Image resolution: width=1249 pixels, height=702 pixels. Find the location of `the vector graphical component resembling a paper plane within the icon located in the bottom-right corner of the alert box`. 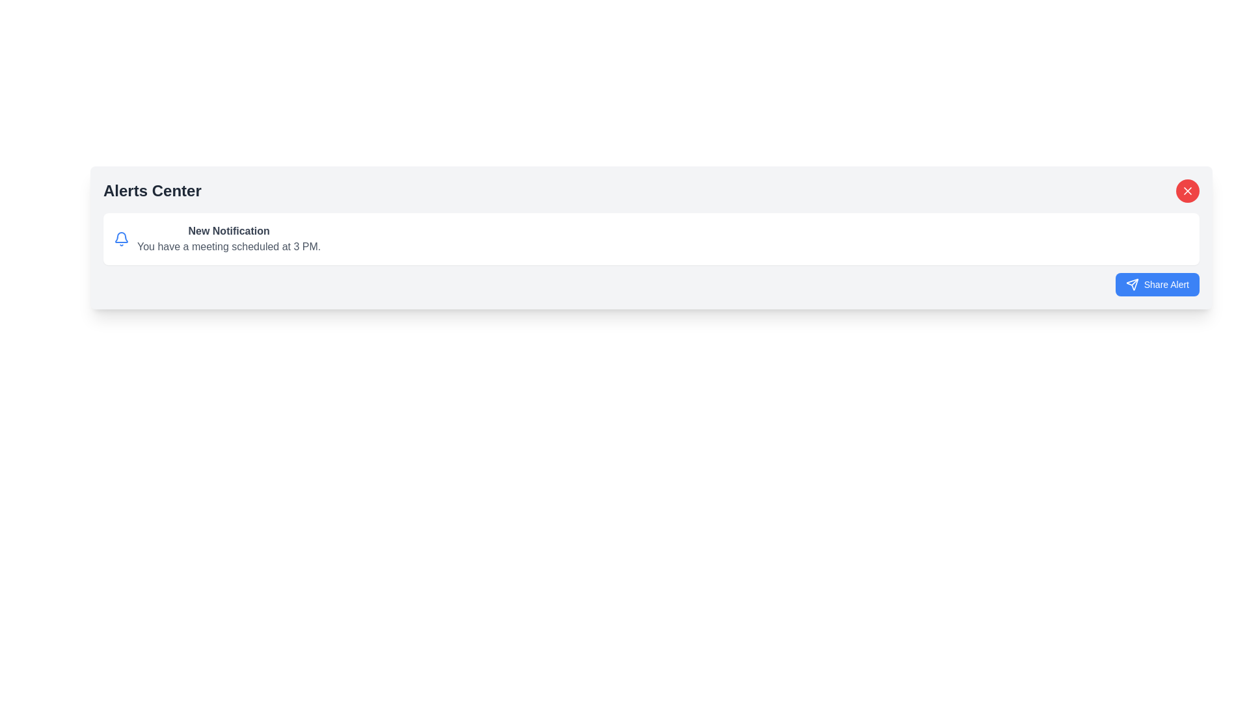

the vector graphical component resembling a paper plane within the icon located in the bottom-right corner of the alert box is located at coordinates (1131, 284).